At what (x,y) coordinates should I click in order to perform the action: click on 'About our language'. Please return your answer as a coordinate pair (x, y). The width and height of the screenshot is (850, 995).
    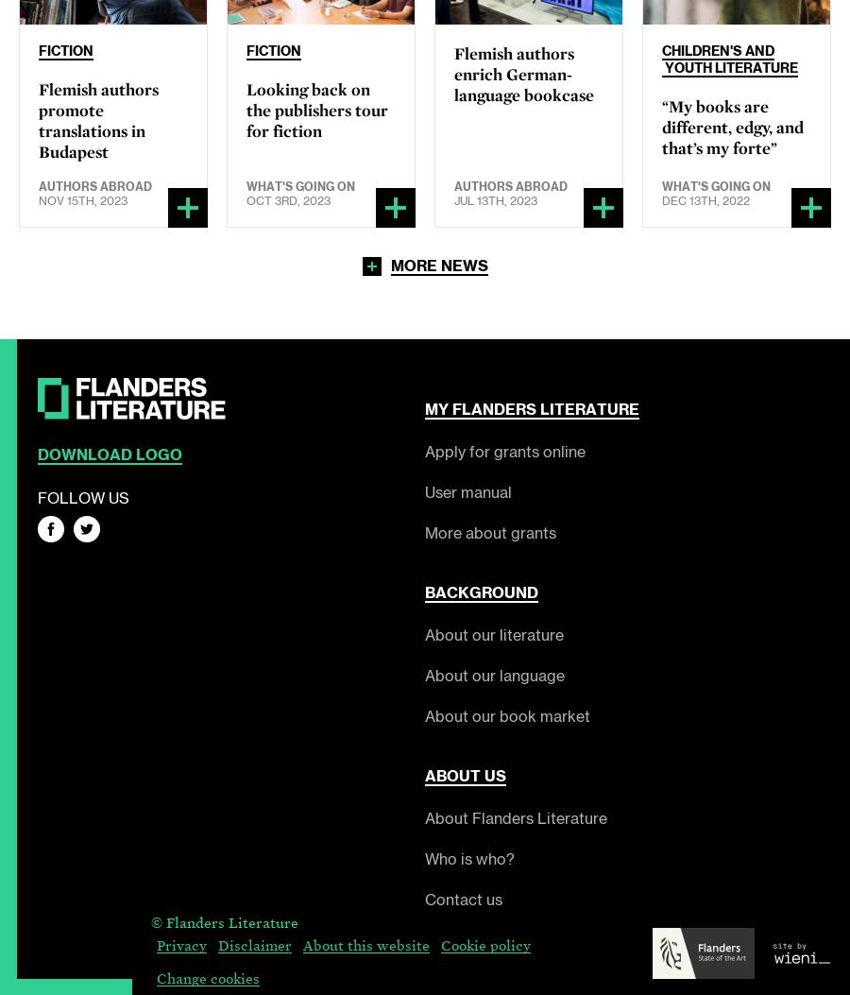
    Looking at the image, I should click on (493, 675).